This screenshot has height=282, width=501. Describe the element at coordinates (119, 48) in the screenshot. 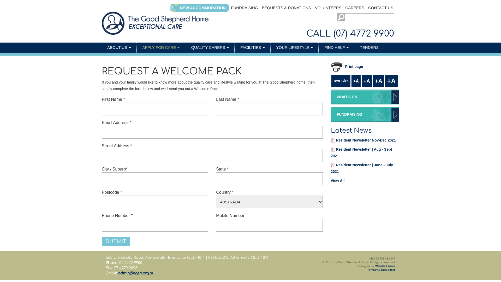

I see `'ABOUT US'` at that location.